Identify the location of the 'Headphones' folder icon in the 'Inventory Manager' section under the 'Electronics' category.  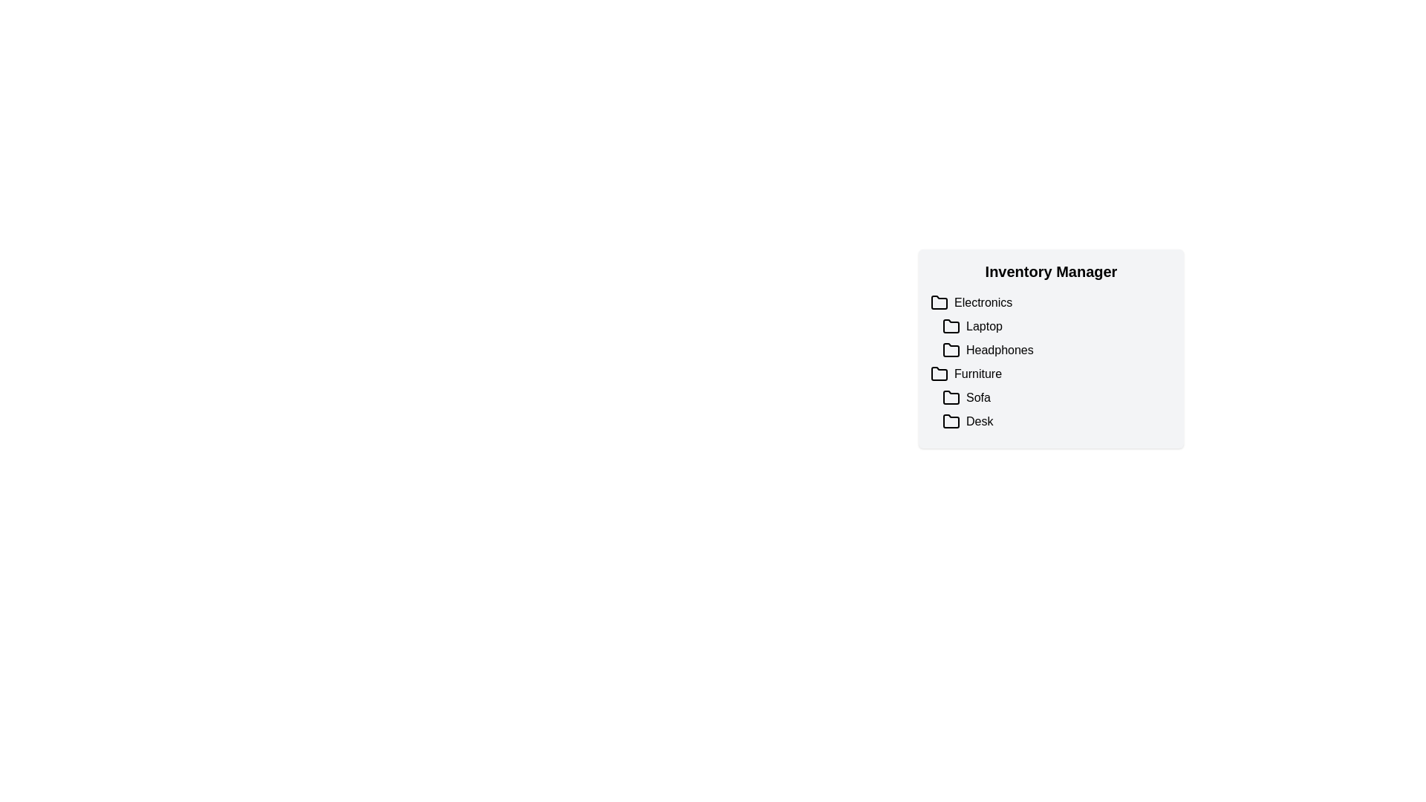
(951, 349).